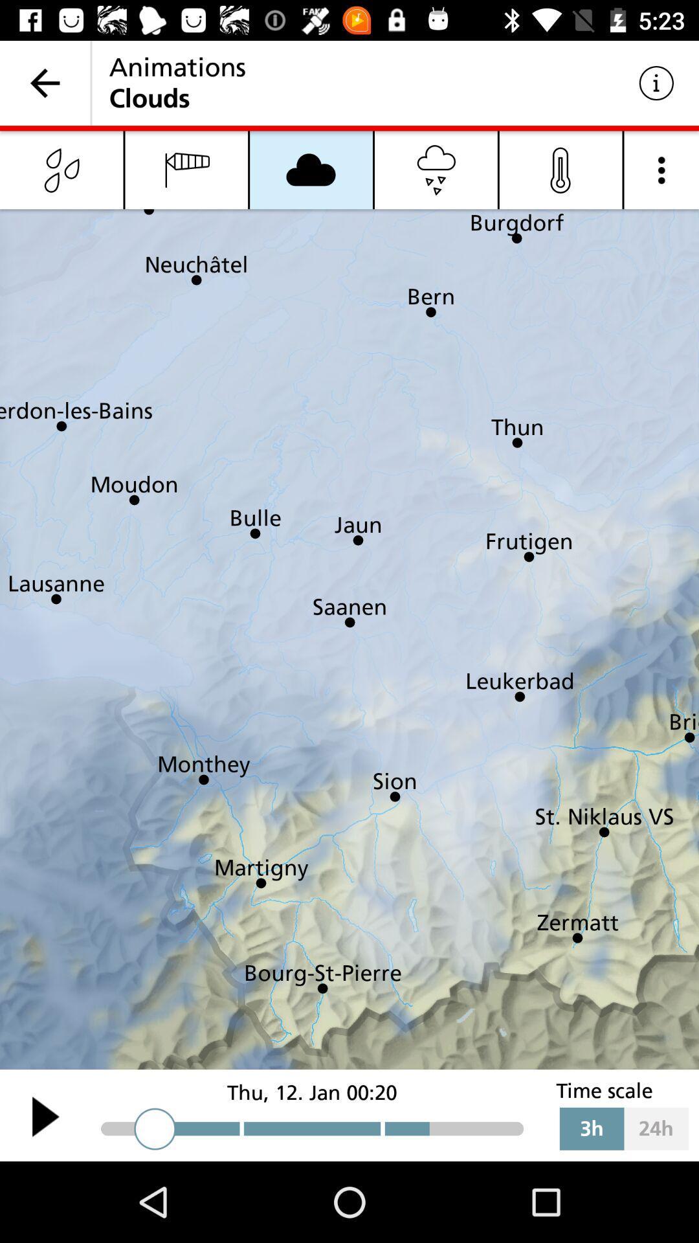 The height and width of the screenshot is (1243, 699). Describe the element at coordinates (661, 169) in the screenshot. I see `meun` at that location.